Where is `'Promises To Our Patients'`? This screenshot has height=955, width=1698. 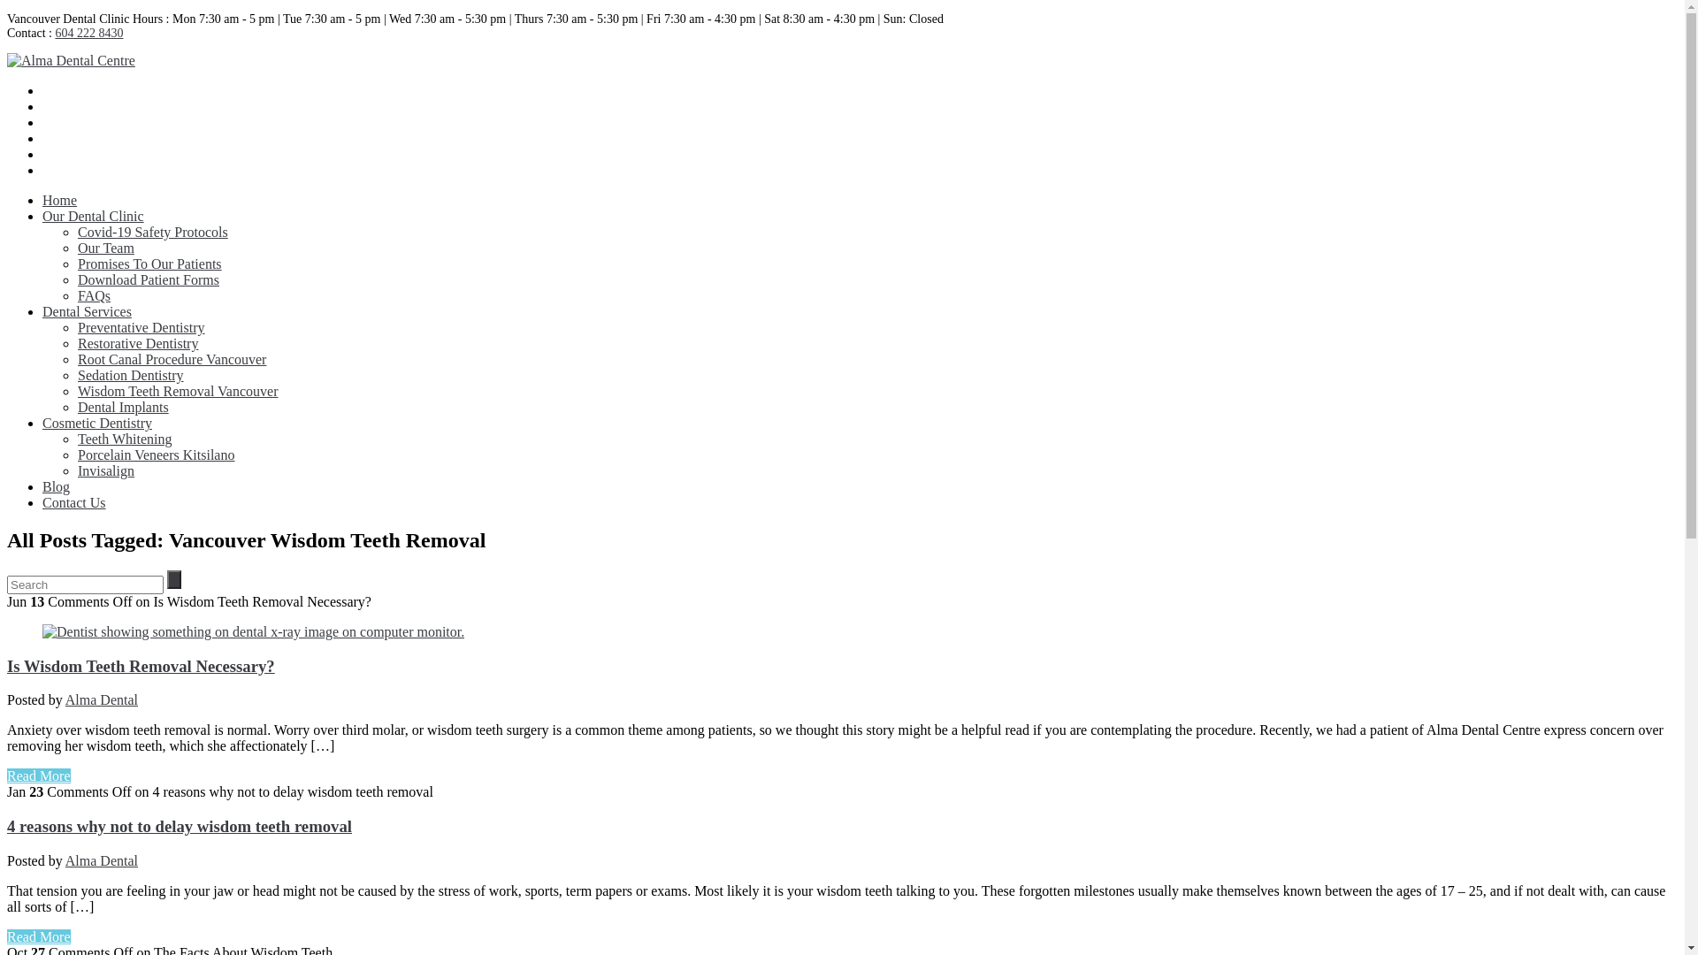 'Promises To Our Patients' is located at coordinates (149, 264).